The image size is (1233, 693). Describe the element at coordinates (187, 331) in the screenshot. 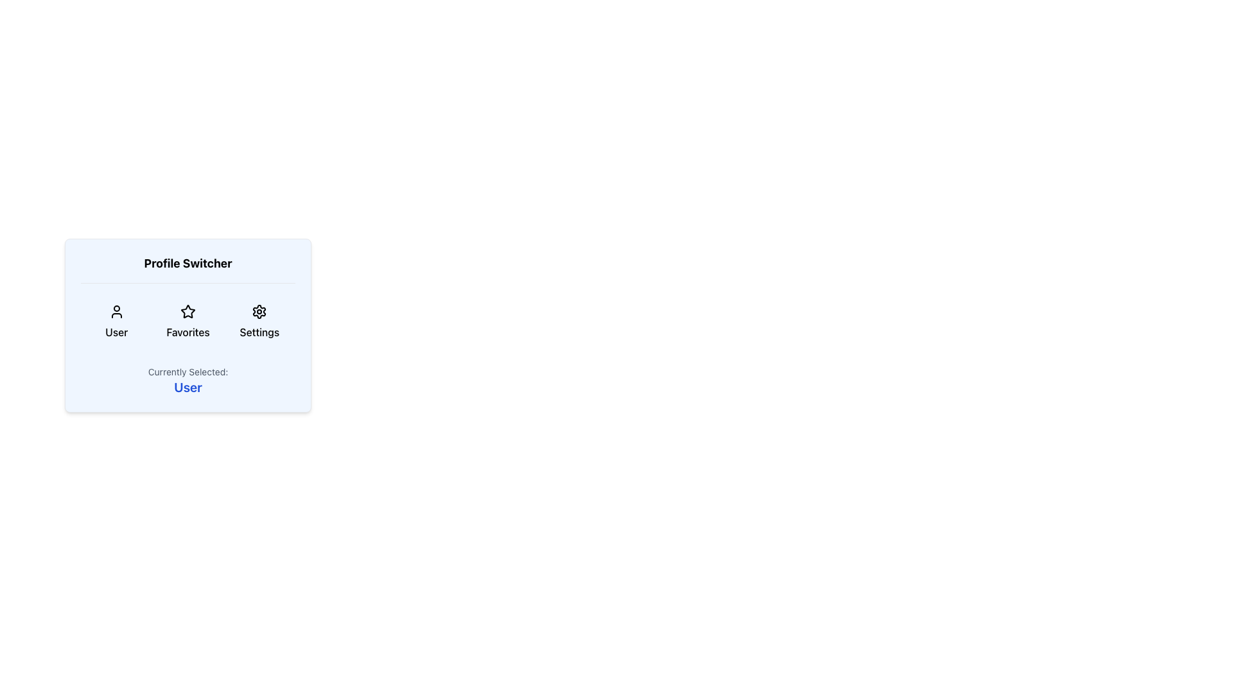

I see `the 'Favorites' text label, which serves as a descriptor for the card in the profile selection interface` at that location.